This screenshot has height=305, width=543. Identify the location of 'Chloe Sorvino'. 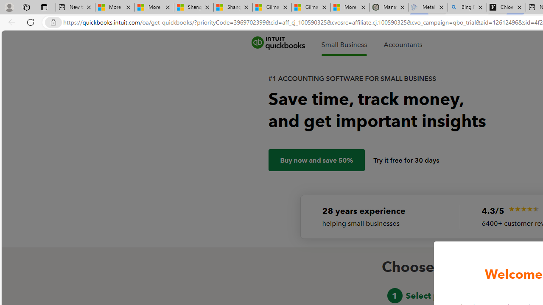
(506, 7).